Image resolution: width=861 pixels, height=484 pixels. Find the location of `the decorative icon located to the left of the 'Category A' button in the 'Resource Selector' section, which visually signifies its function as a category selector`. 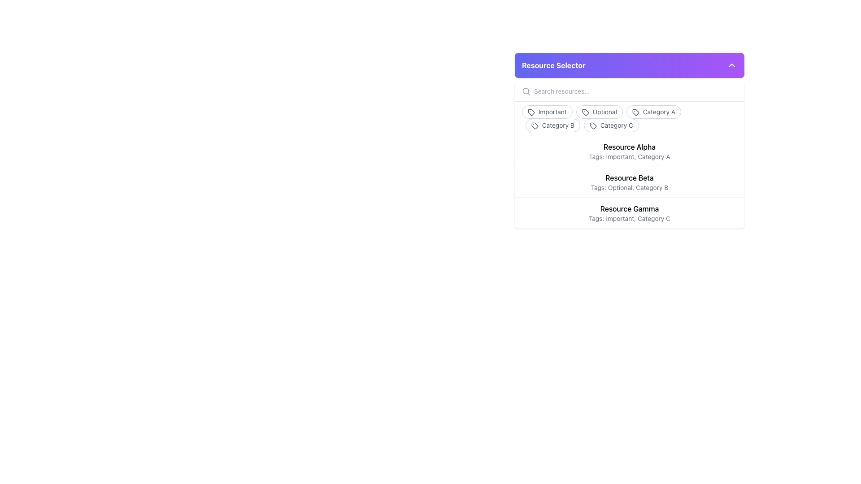

the decorative icon located to the left of the 'Category A' button in the 'Resource Selector' section, which visually signifies its function as a category selector is located at coordinates (635, 112).